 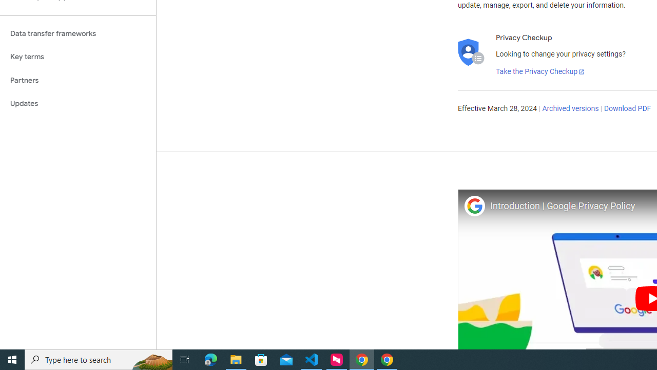 I want to click on 'Partners', so click(x=78, y=80).